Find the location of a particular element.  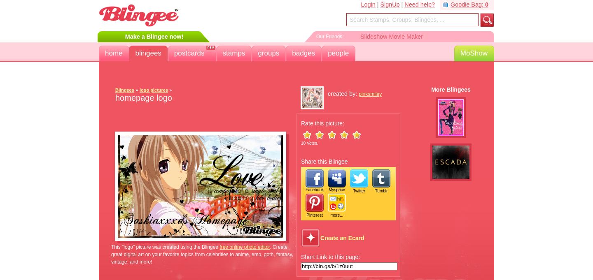

'Create an Ecard' is located at coordinates (342, 238).